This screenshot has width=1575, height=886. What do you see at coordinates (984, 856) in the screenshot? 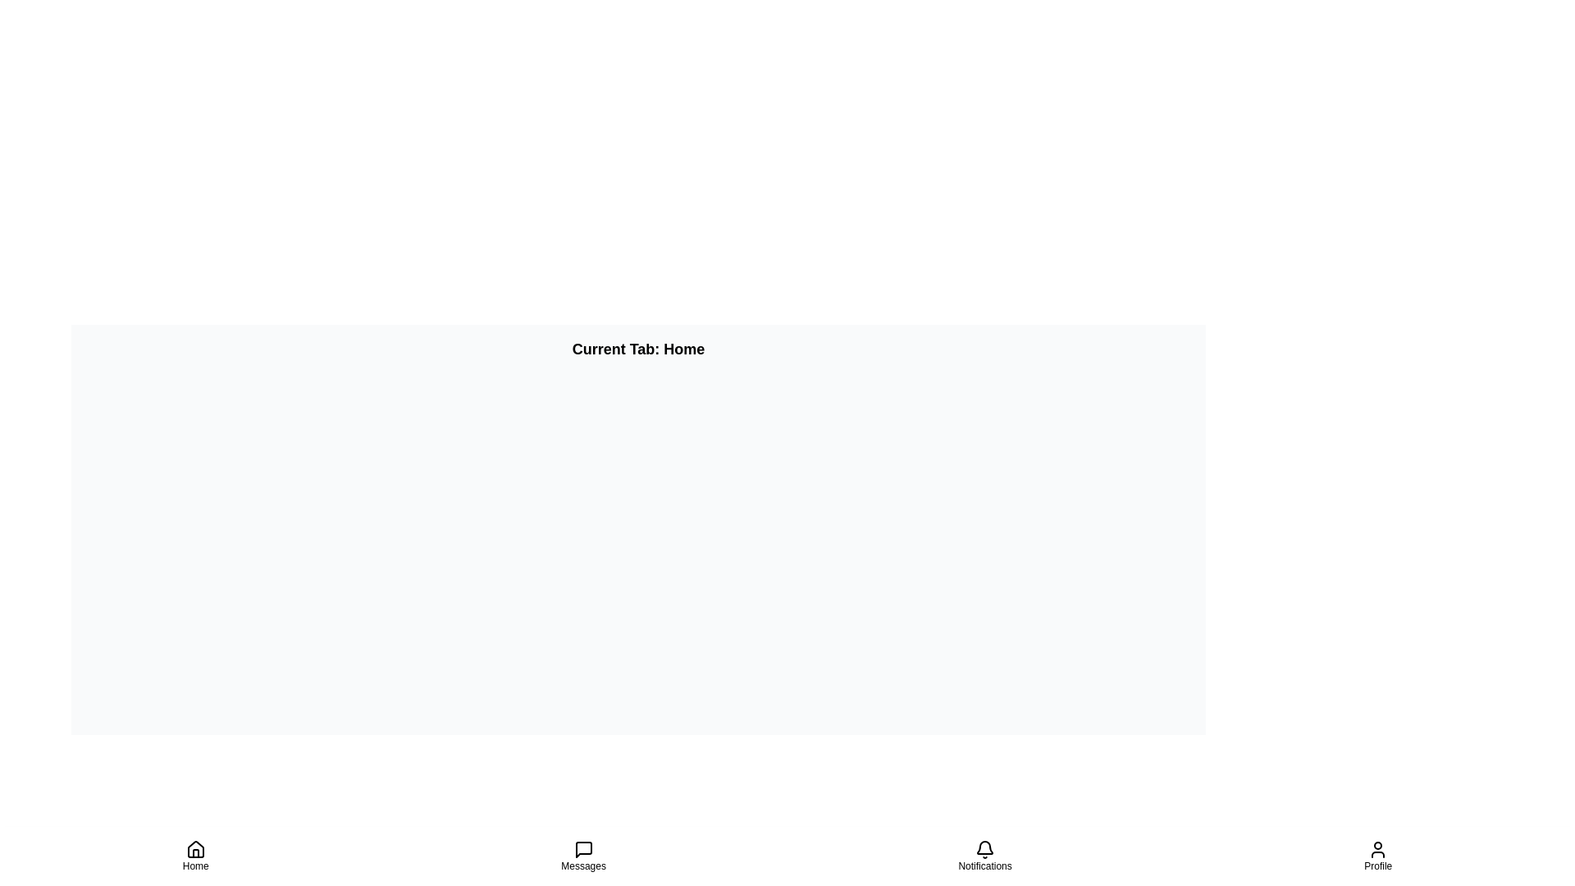
I see `the third button in the bottom navigation bar` at bounding box center [984, 856].